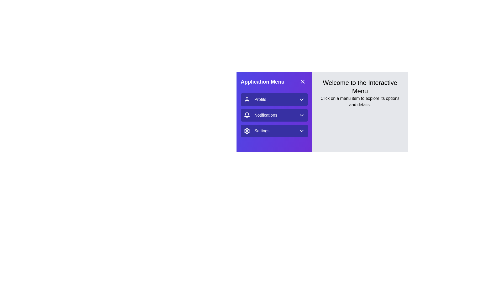 This screenshot has height=283, width=504. I want to click on the icon at the far-right end of the 'Notifications' button, so click(301, 115).